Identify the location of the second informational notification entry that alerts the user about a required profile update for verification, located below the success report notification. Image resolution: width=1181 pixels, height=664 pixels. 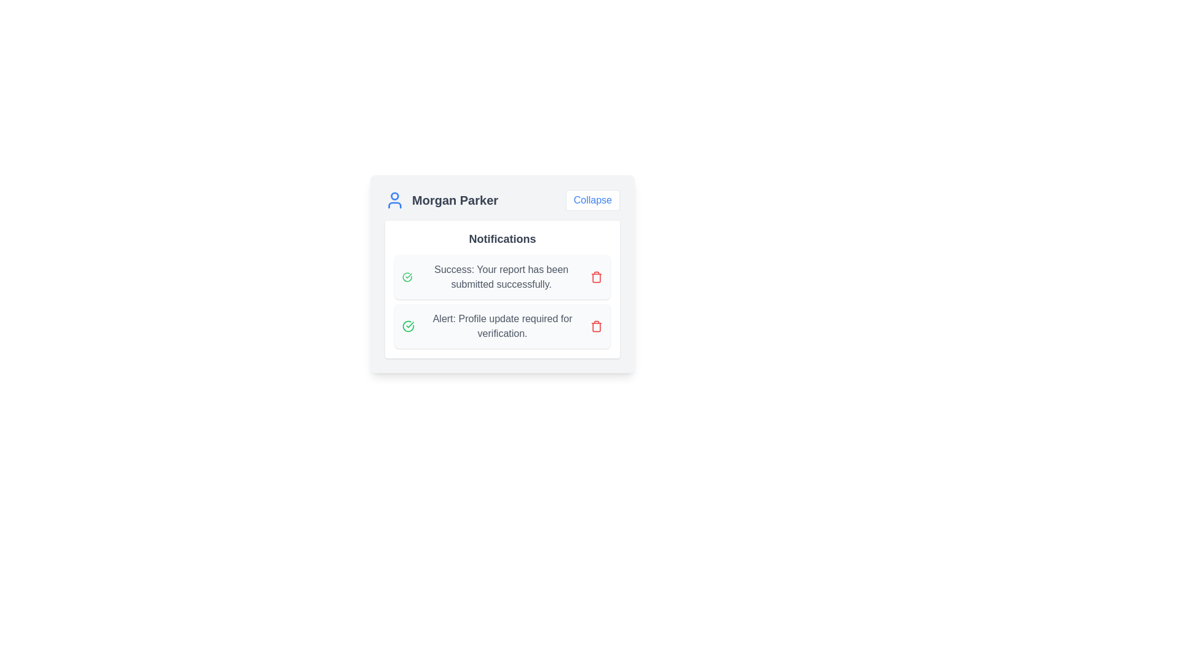
(502, 326).